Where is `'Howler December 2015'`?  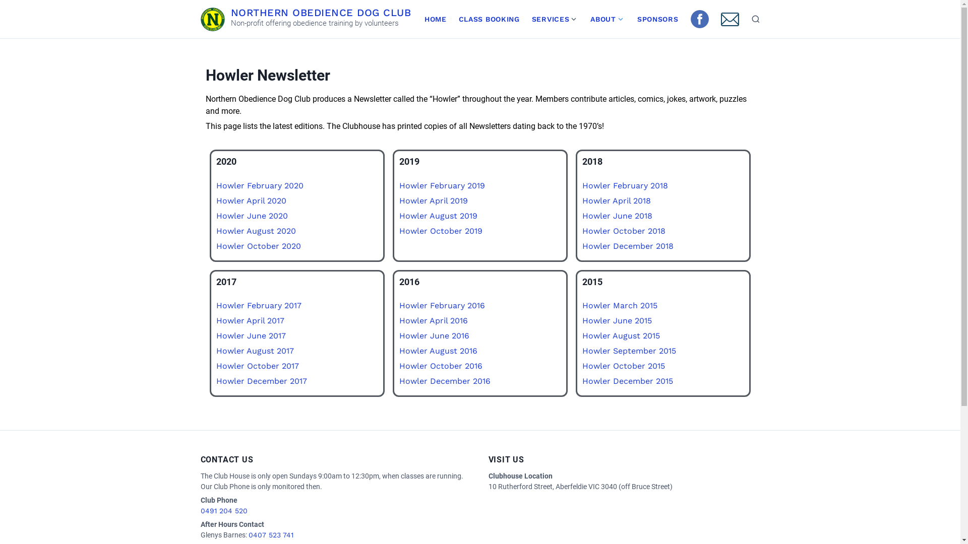
'Howler December 2015' is located at coordinates (582, 381).